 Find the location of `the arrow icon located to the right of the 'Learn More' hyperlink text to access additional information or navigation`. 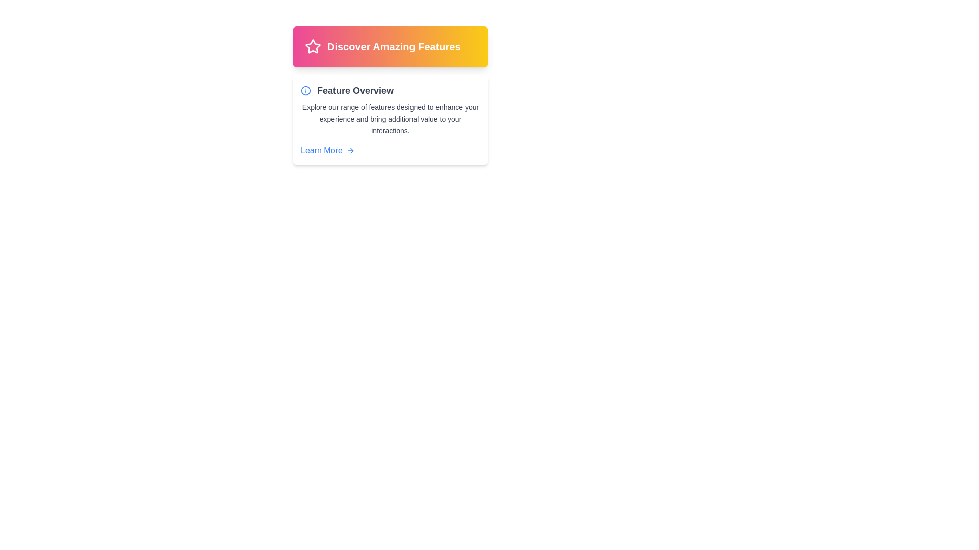

the arrow icon located to the right of the 'Learn More' hyperlink text to access additional information or navigation is located at coordinates (352, 151).